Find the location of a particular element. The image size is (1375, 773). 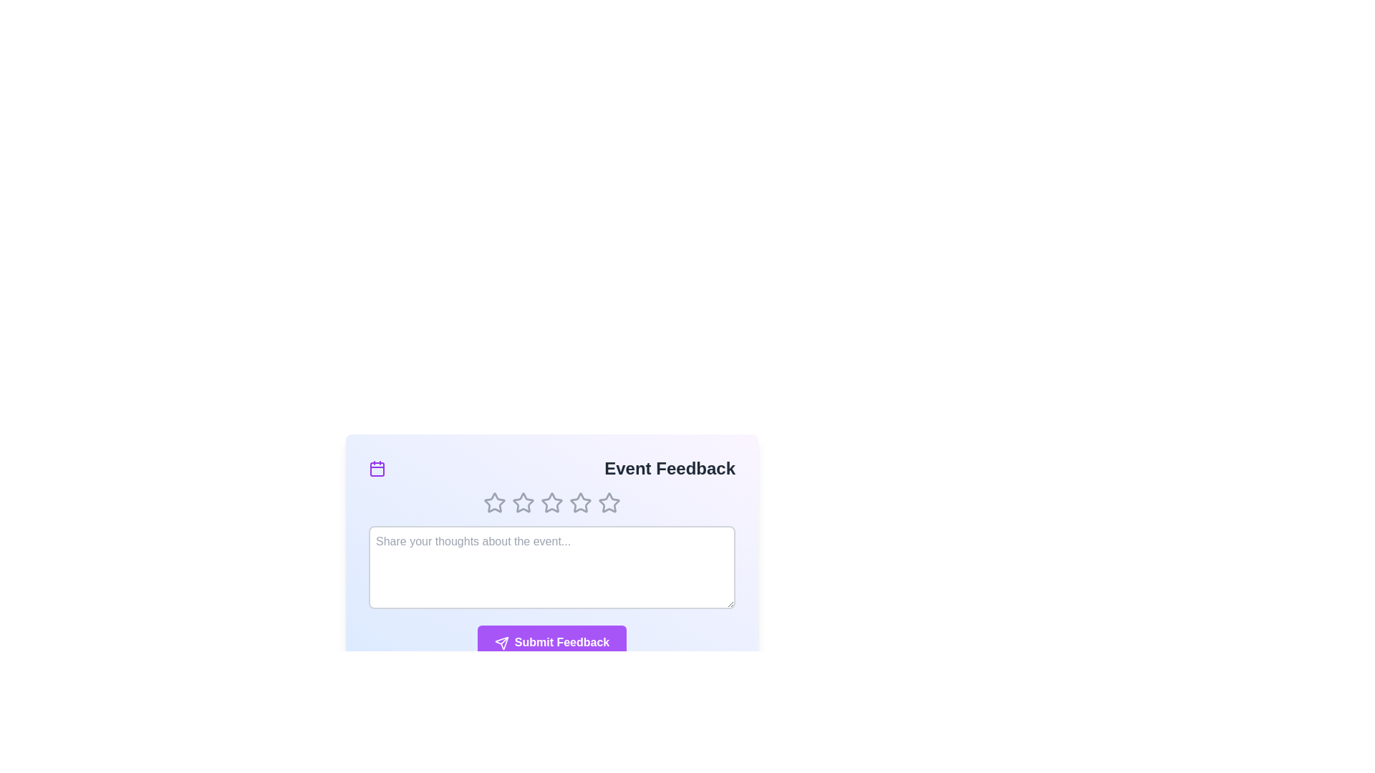

the 'Submit Feedback' button located at the bottom center of its containing card to change its color is located at coordinates (551, 642).